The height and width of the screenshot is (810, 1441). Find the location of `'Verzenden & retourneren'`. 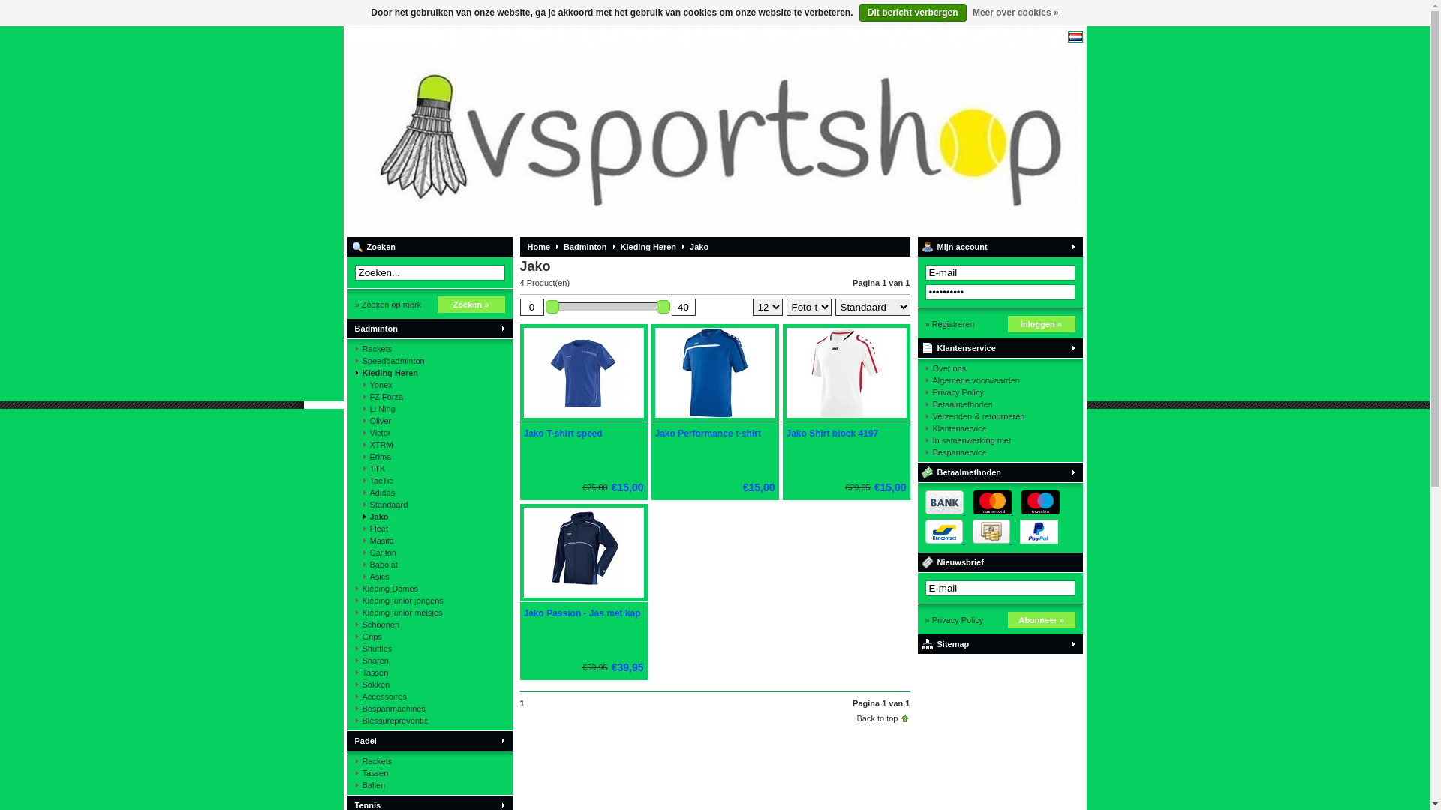

'Verzenden & retourneren' is located at coordinates (1000, 416).